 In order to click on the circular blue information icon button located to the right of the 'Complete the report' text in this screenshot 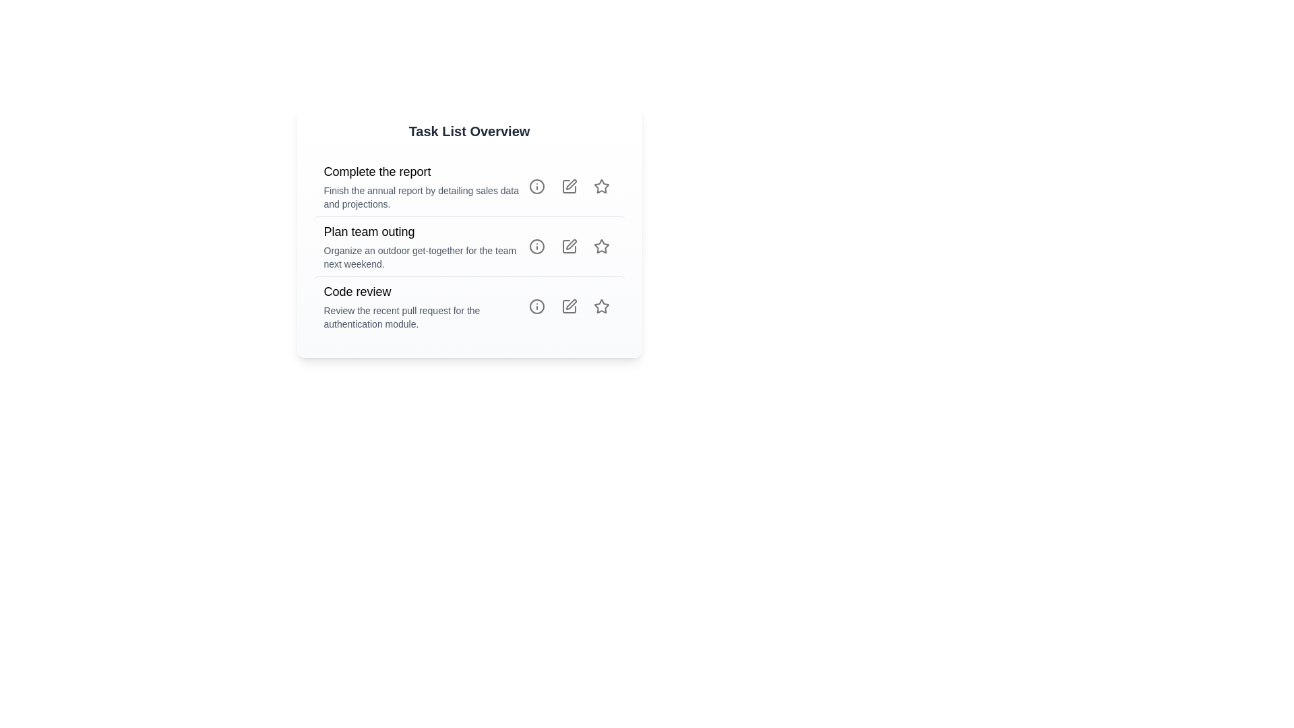, I will do `click(536, 187)`.